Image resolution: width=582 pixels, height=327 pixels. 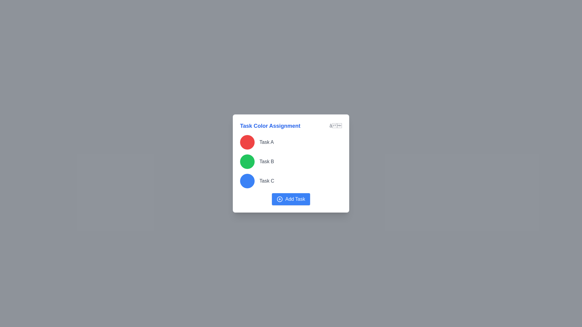 I want to click on the 'Add Task' button to initiate the task addition process, so click(x=291, y=199).